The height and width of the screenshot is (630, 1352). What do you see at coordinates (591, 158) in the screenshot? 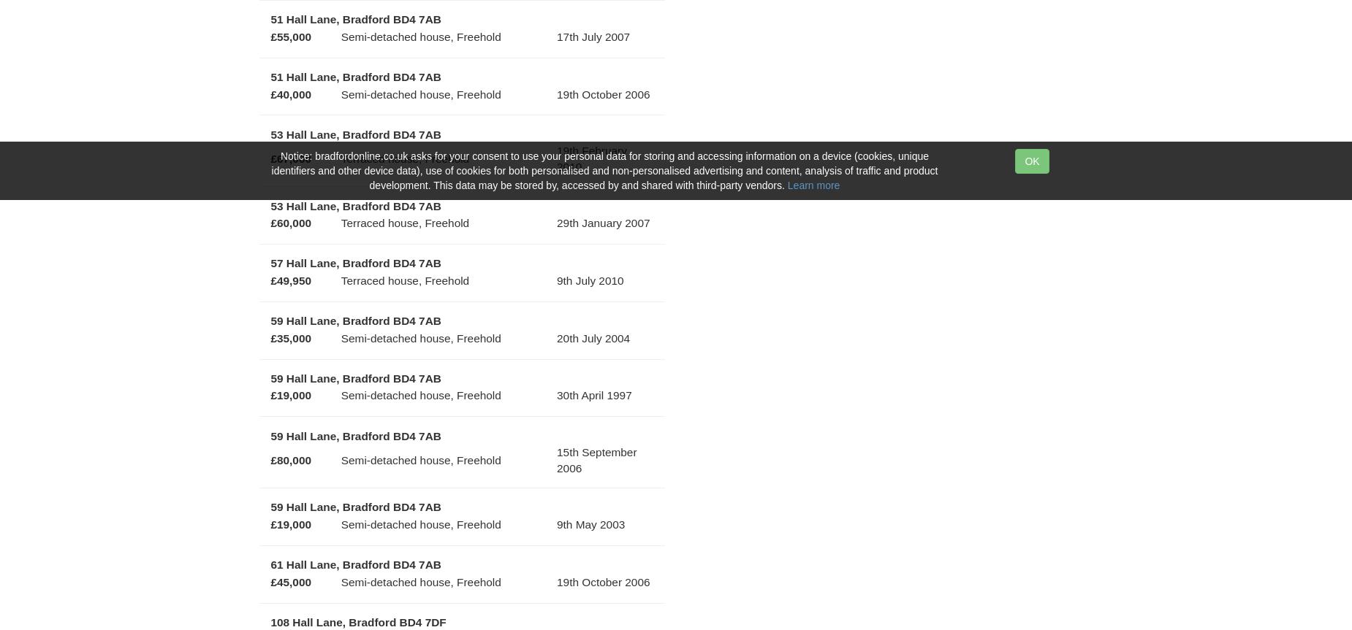
I see `'19th February 2010'` at bounding box center [591, 158].